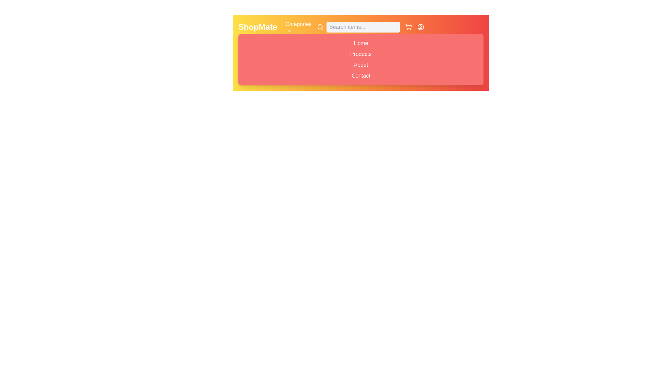  Describe the element at coordinates (320, 27) in the screenshot. I see `the magnifying glass icon on the orange background to initiate search functionality` at that location.